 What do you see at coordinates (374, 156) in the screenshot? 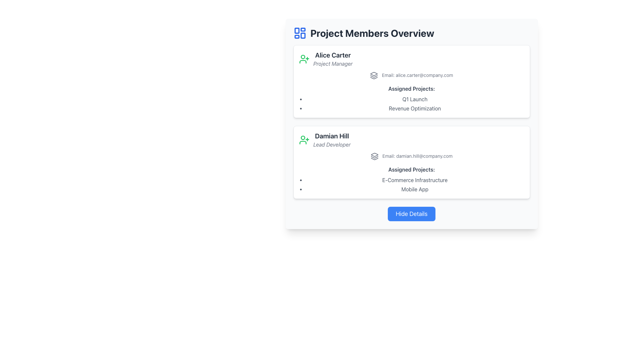
I see `the email icon representing 'Email: damian.hill@company.com' within the card for 'Damian Hill'` at bounding box center [374, 156].